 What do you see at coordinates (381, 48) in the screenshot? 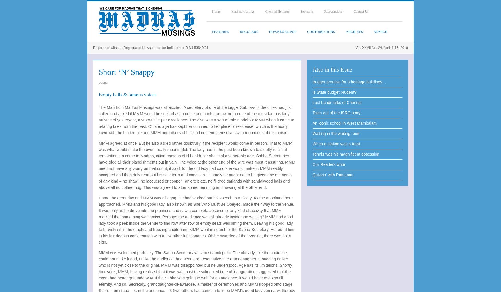
I see `'Vol. XXVII No. 24, April 1-15, 2018'` at bounding box center [381, 48].